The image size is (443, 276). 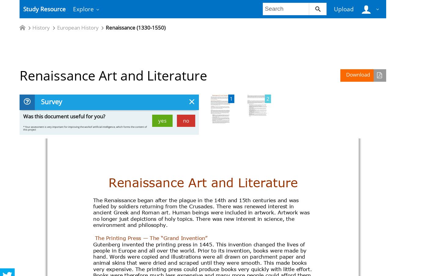 I want to click on 'Renaissance Art and Literature', so click(x=113, y=75).